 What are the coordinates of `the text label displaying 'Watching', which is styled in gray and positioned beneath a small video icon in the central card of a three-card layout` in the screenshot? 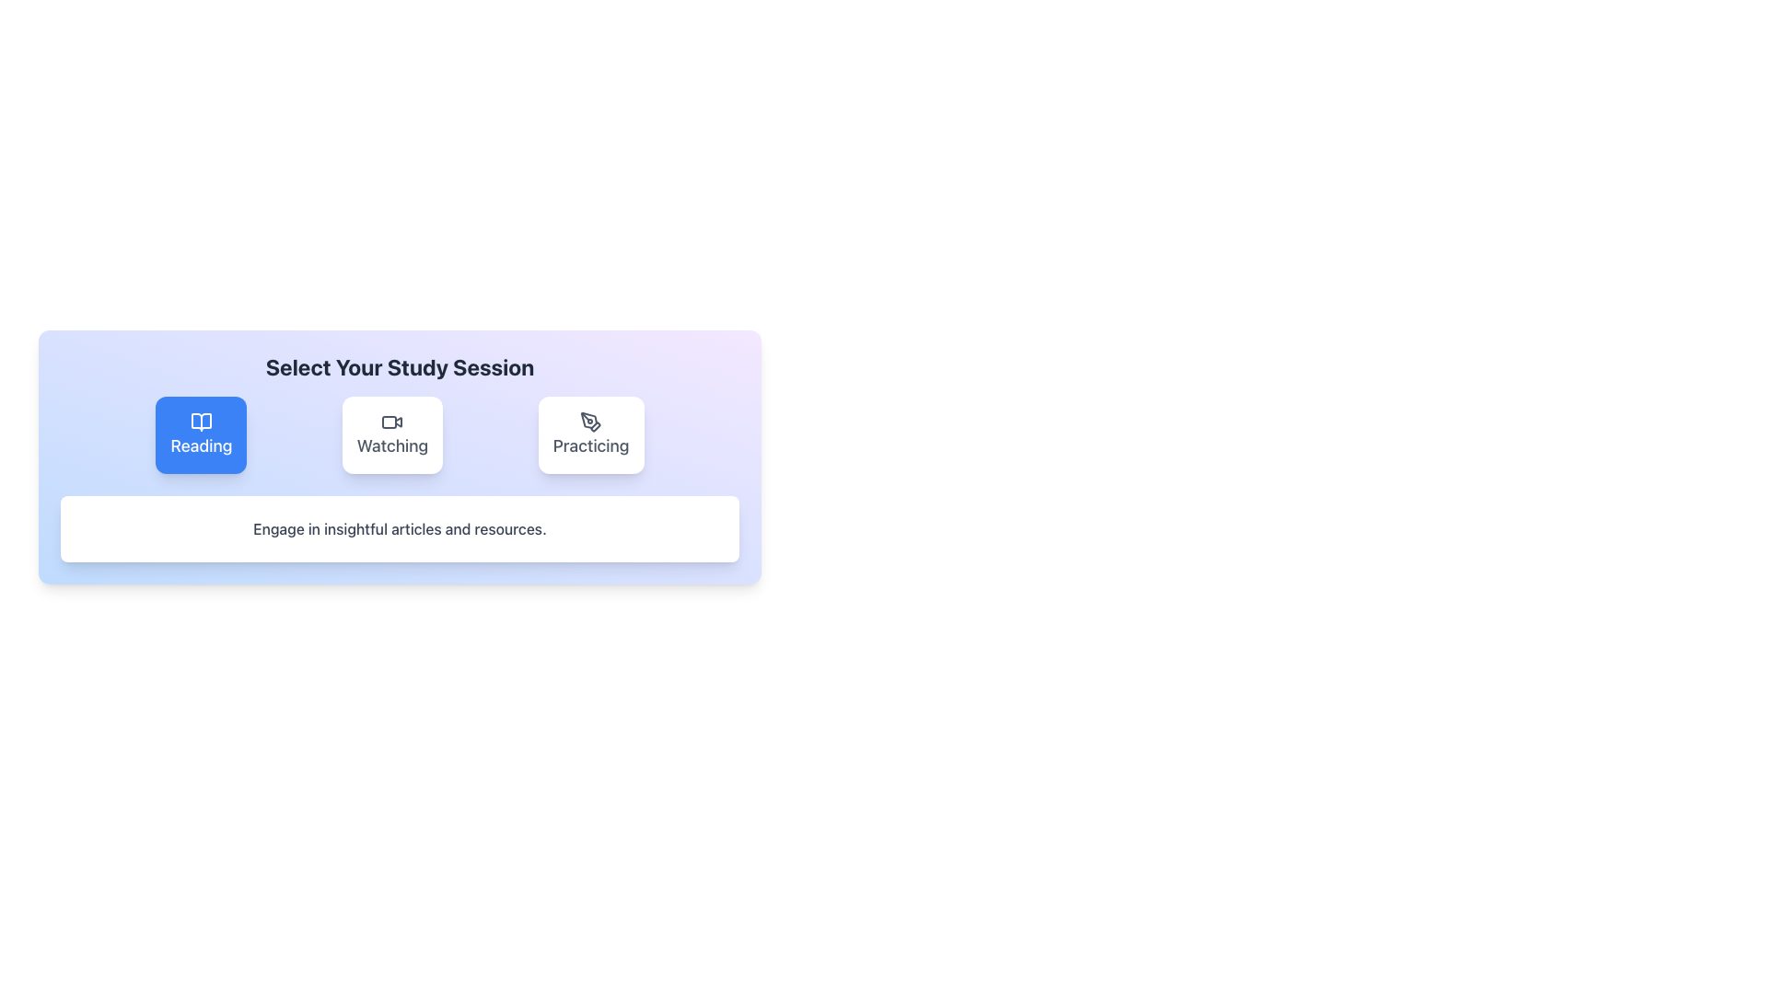 It's located at (391, 446).